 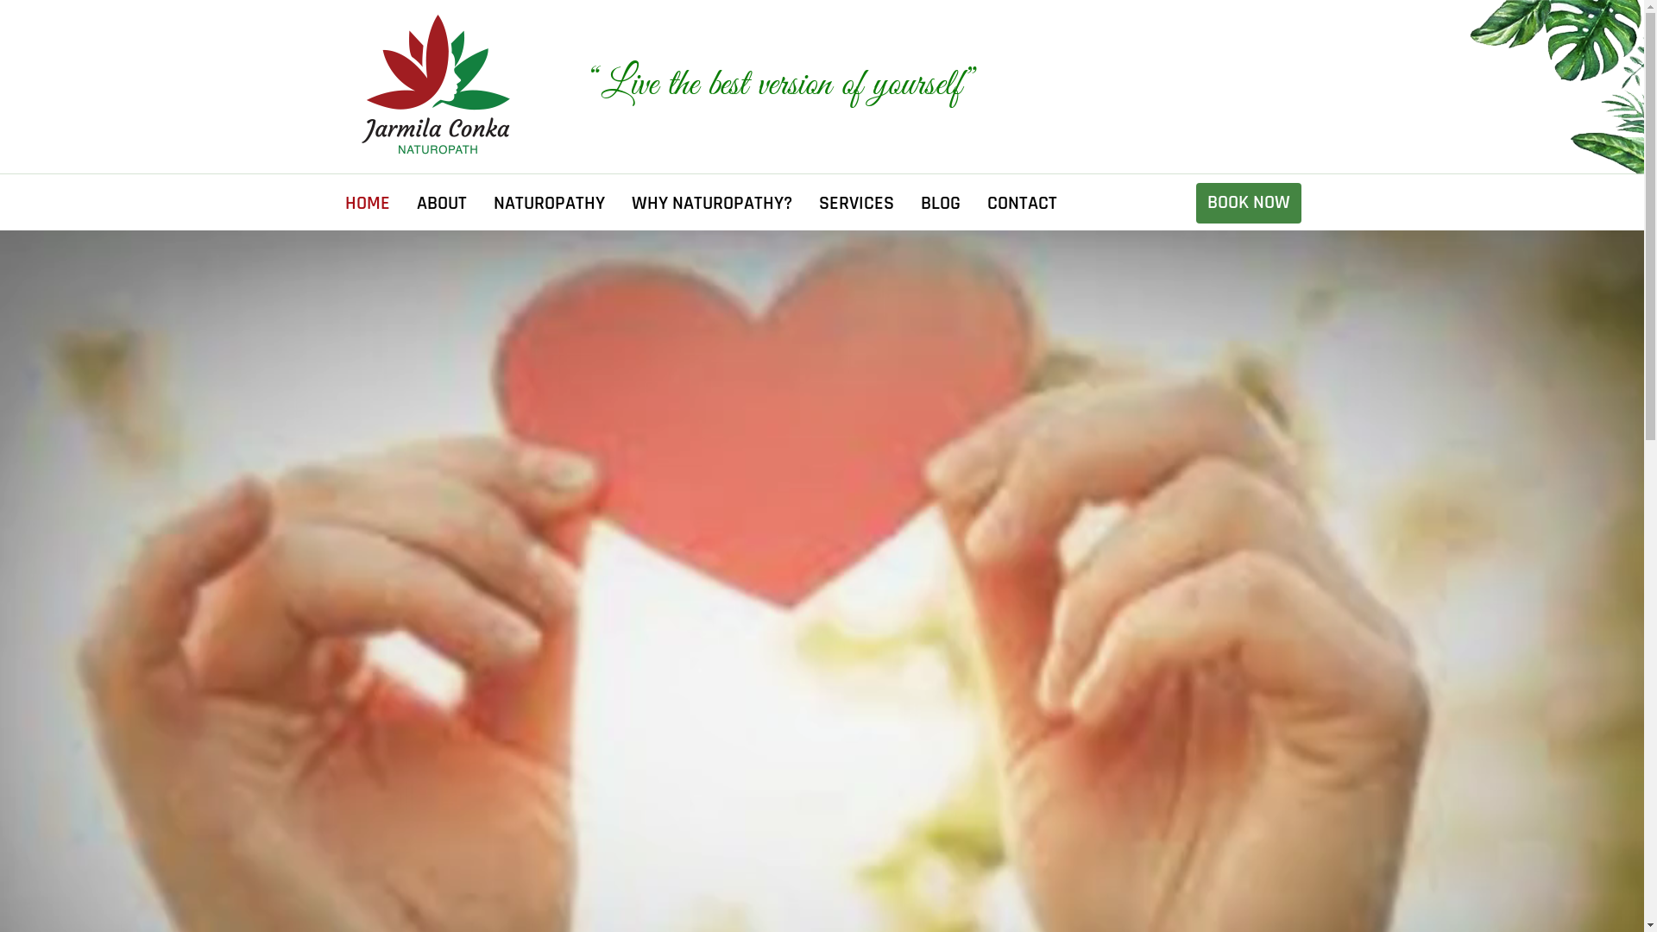 I want to click on 'CONTACT', so click(x=1022, y=202).